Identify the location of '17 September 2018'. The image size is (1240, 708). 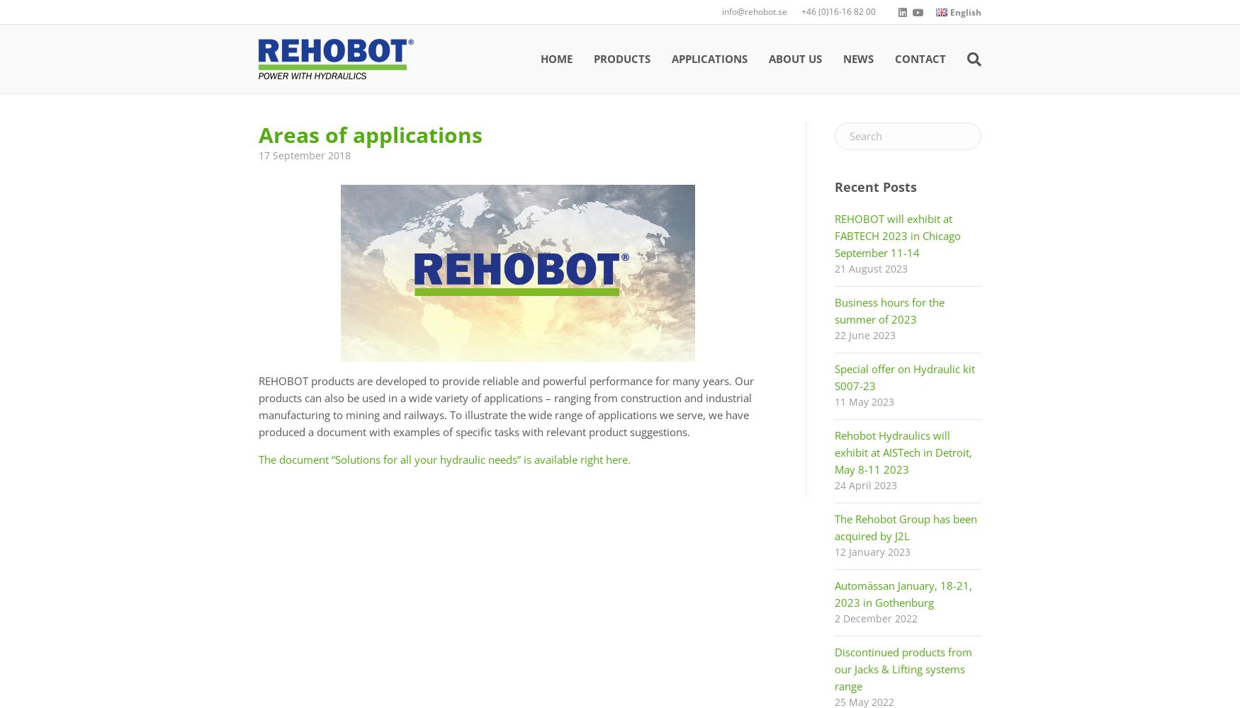
(303, 154).